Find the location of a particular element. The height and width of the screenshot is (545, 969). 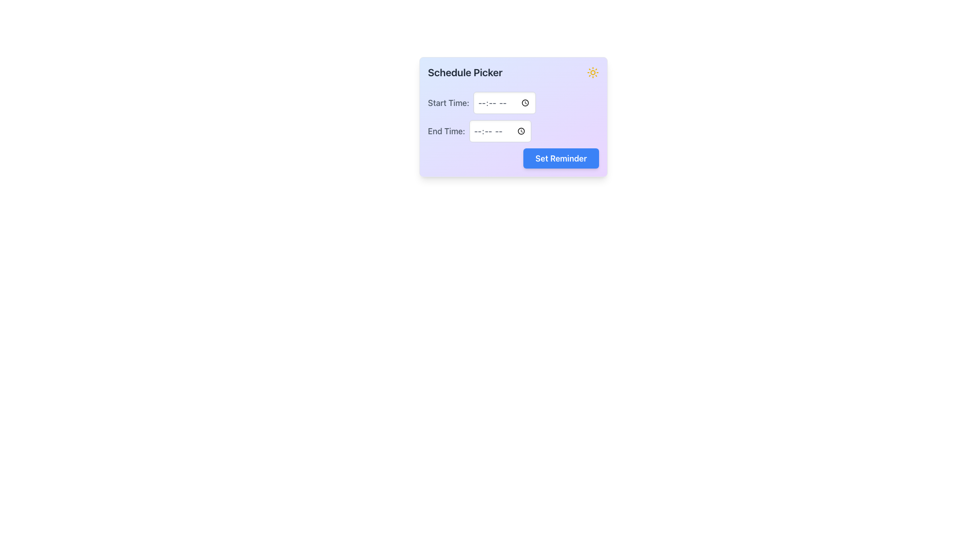

the sun-shaped yellow icon located on the right-hand side of the header section of the 'Schedule Picker' panel is located at coordinates (593, 72).